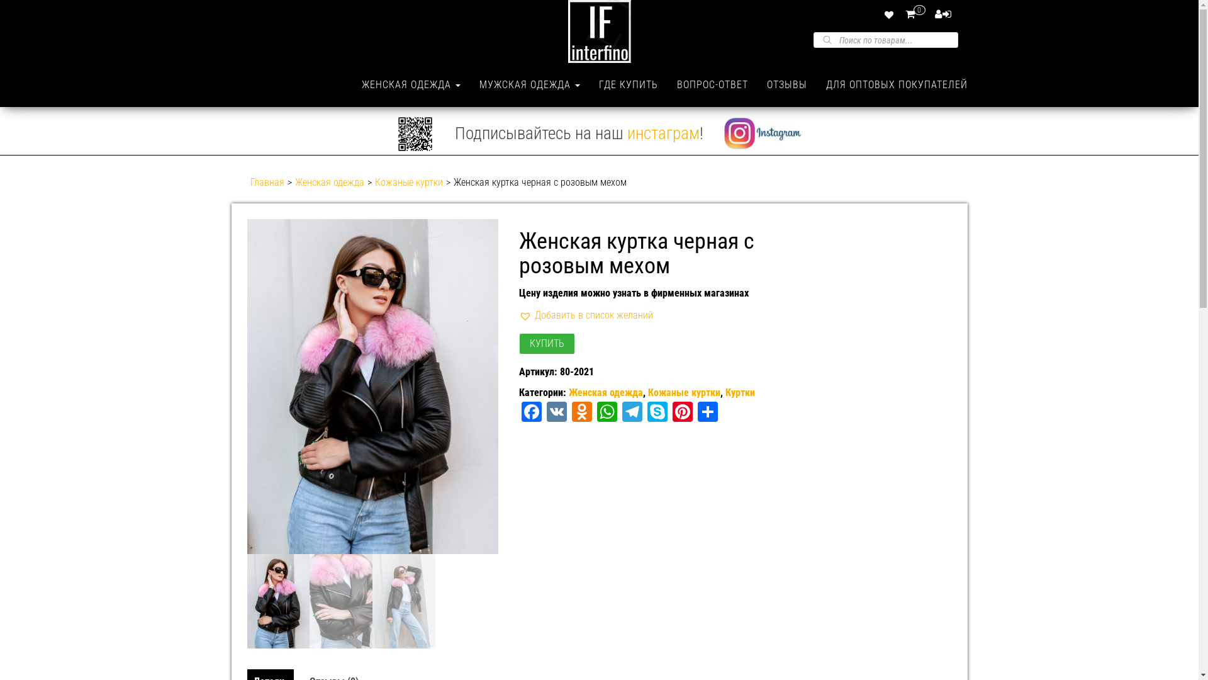 This screenshot has height=680, width=1208. What do you see at coordinates (569, 413) in the screenshot?
I see `'Odnoklassniki'` at bounding box center [569, 413].